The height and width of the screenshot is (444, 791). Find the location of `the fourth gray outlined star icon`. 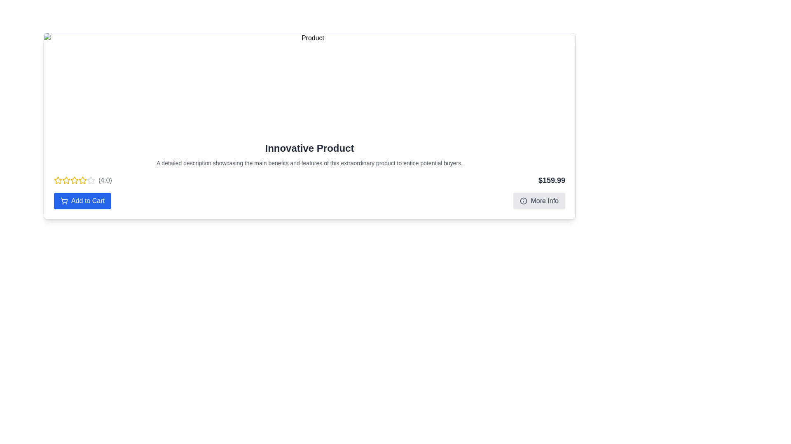

the fourth gray outlined star icon is located at coordinates (91, 180).